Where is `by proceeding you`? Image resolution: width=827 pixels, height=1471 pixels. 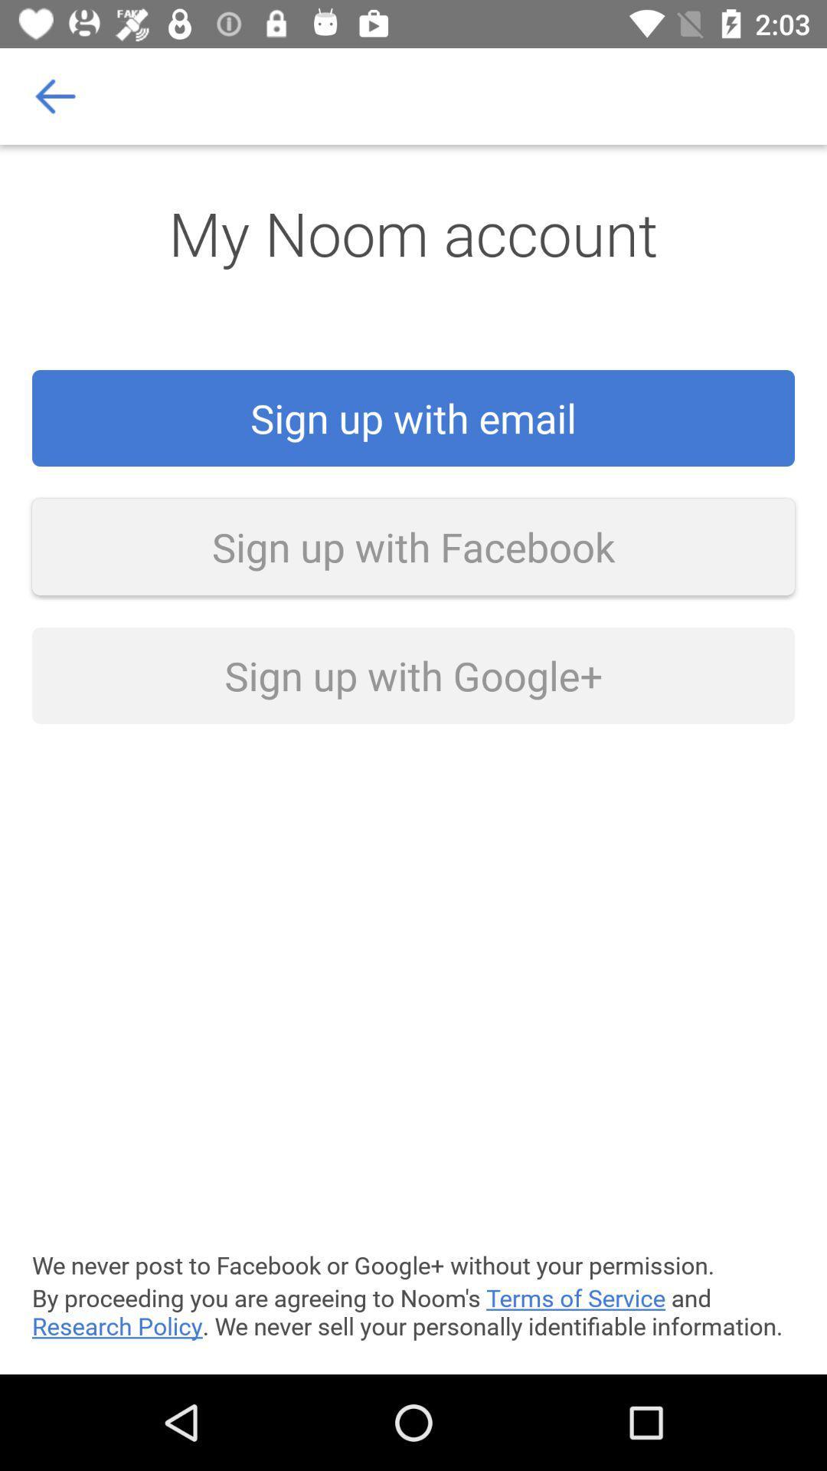
by proceeding you is located at coordinates (413, 1311).